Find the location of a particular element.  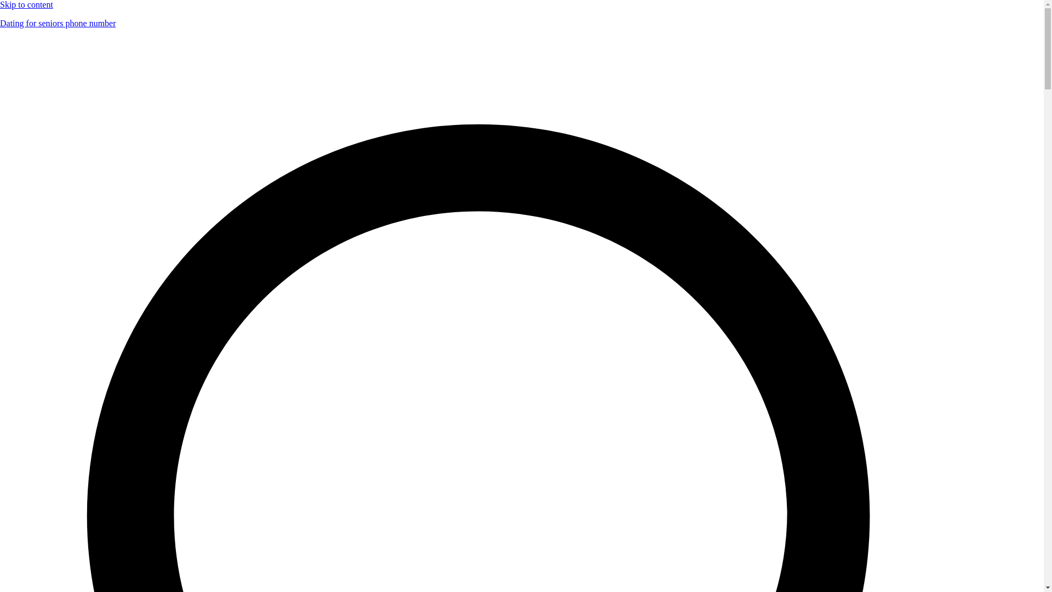

'Dating for seniors phone number' is located at coordinates (57, 23).